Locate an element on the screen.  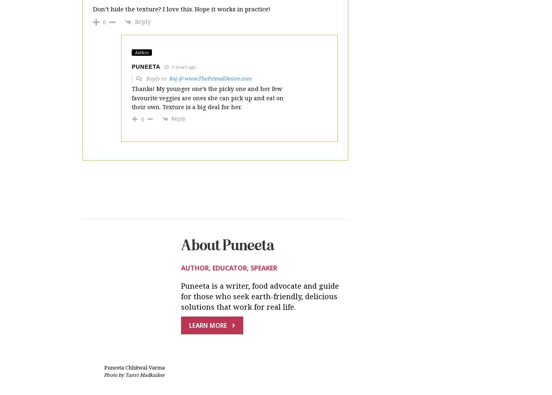
'Thanks! My younger one’s the picky one and her few favourite veggies are ones she can pick up and eat on their own. Texture is a big deal for her.' is located at coordinates (208, 31).